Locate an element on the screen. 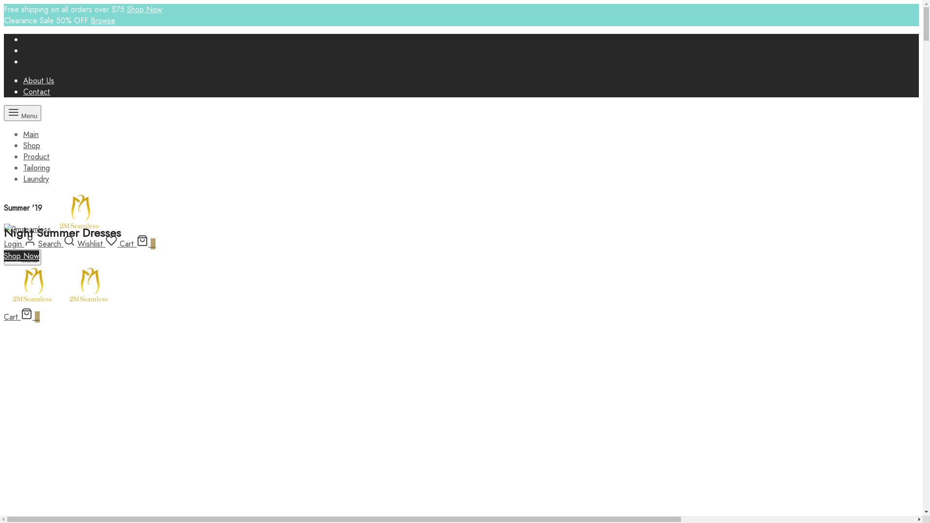 This screenshot has width=930, height=523. 'Laundry' is located at coordinates (36, 179).